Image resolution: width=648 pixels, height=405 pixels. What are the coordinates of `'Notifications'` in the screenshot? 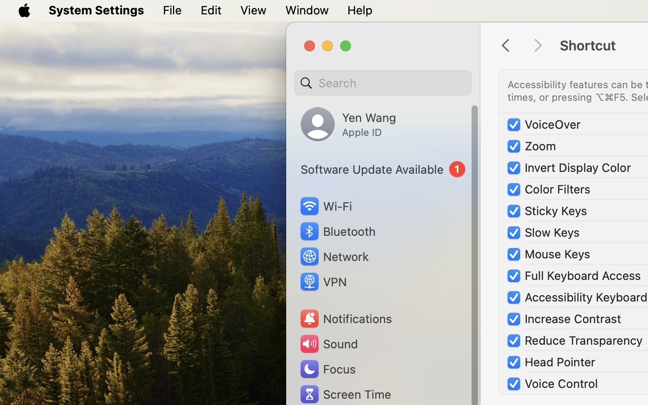 It's located at (345, 318).